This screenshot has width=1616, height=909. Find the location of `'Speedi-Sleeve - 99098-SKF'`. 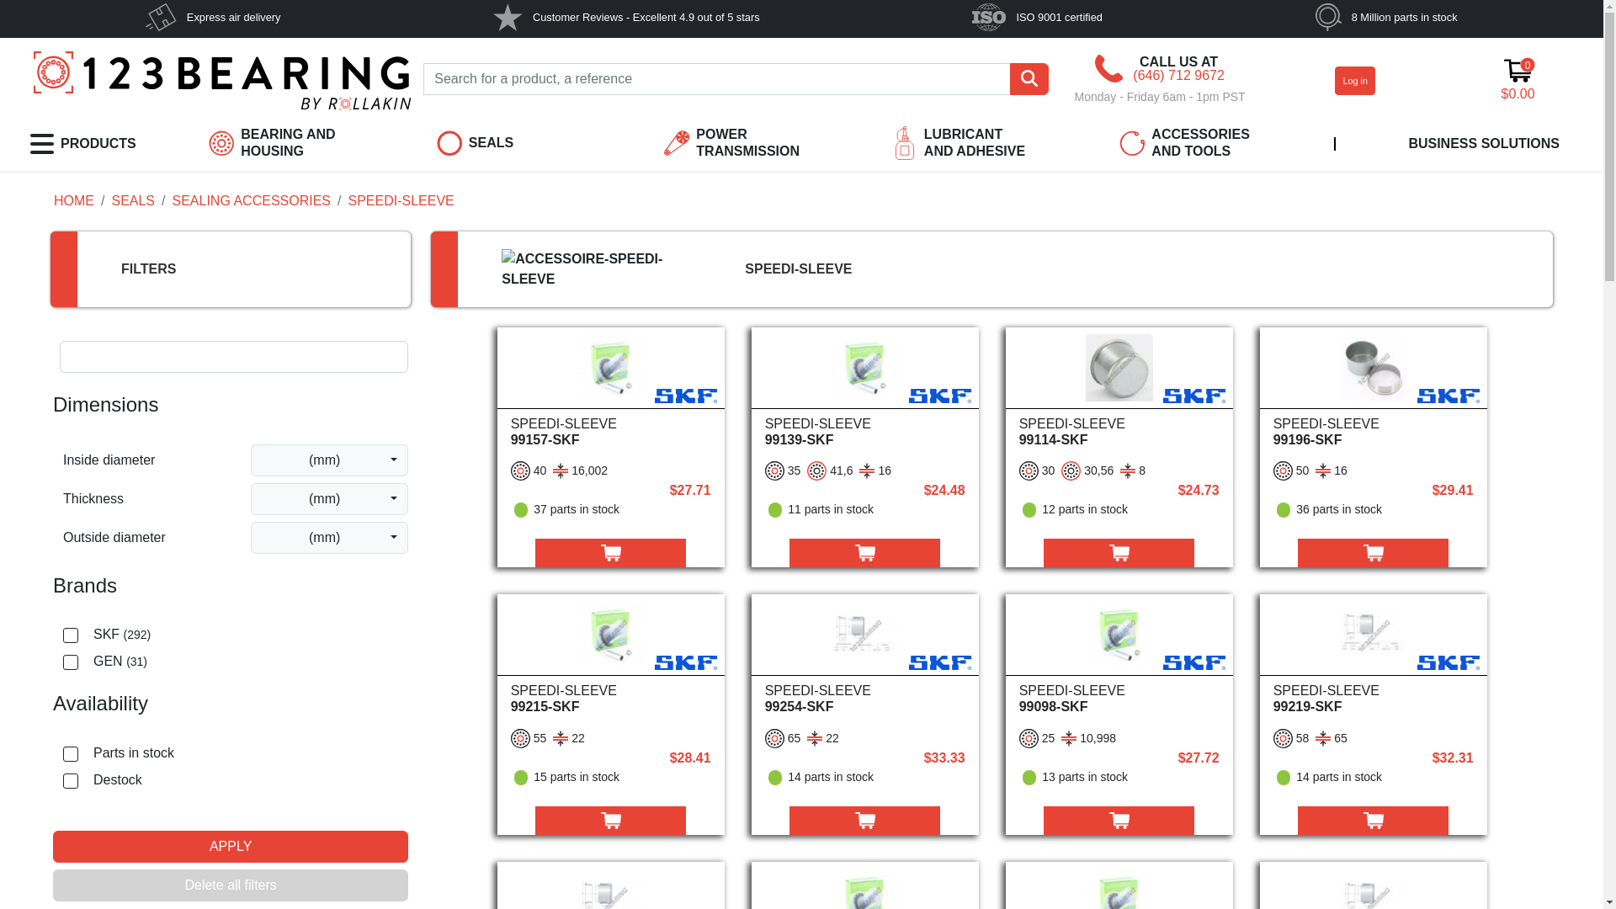

'Speedi-Sleeve - 99098-SKF' is located at coordinates (1119, 634).